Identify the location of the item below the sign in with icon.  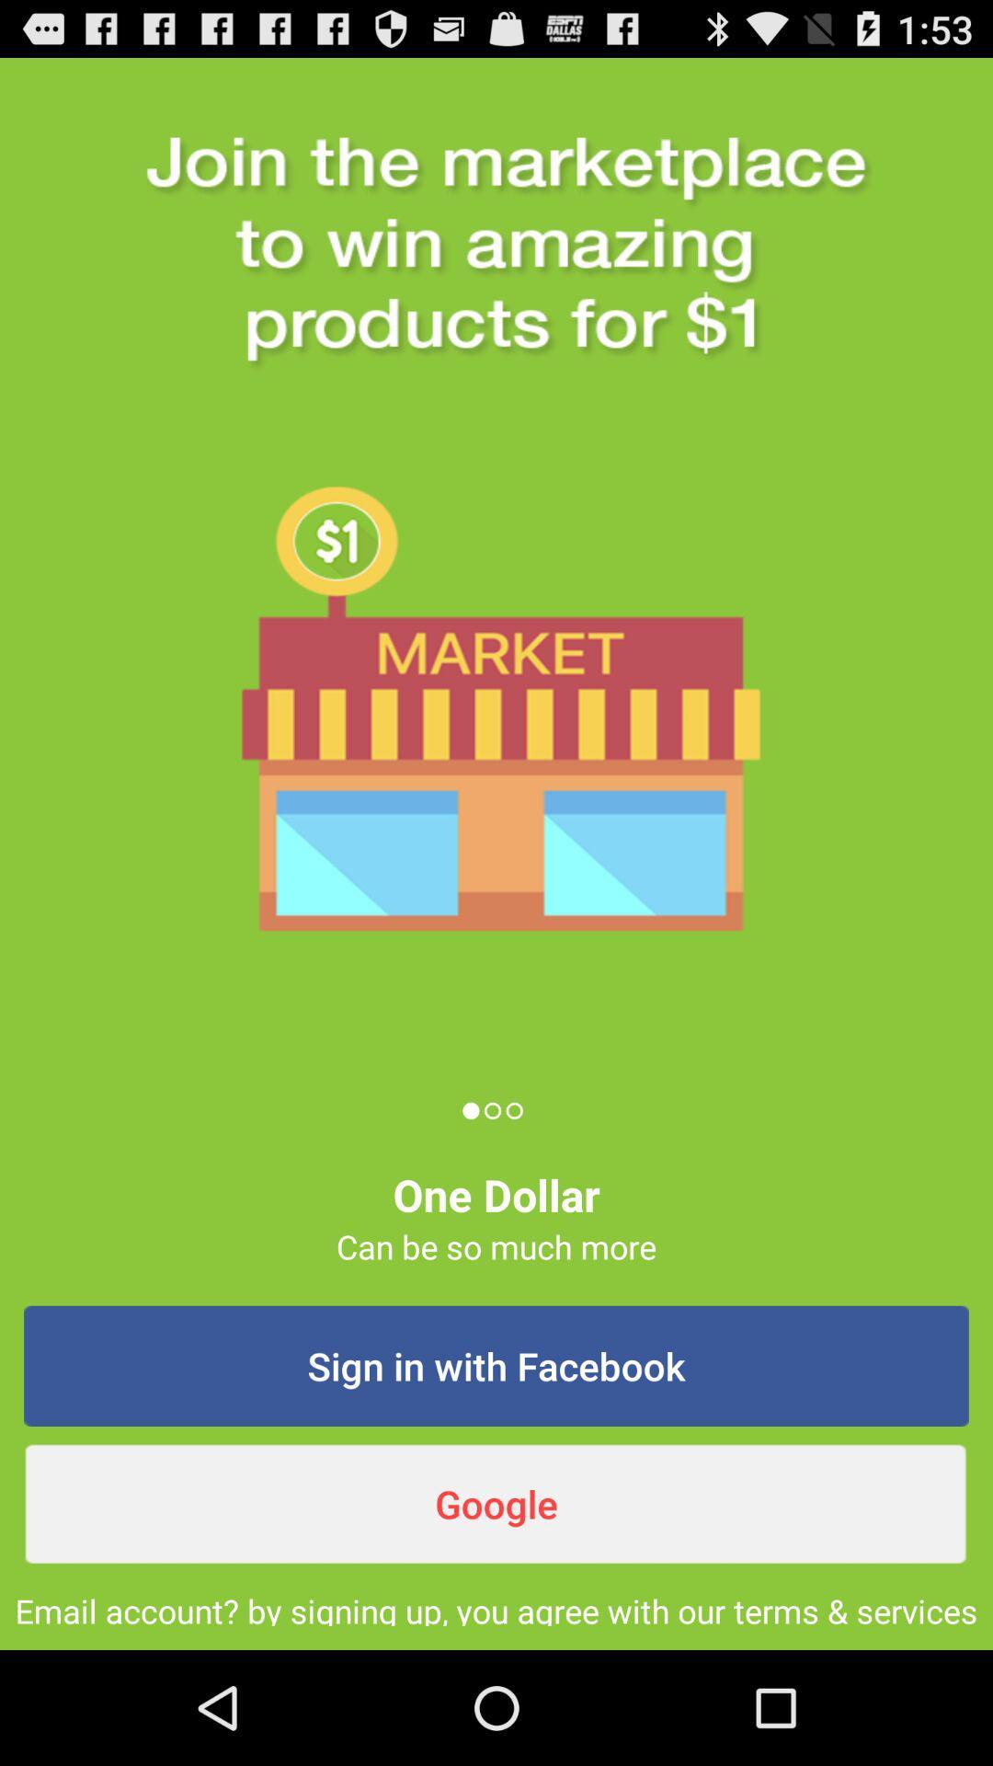
(496, 1504).